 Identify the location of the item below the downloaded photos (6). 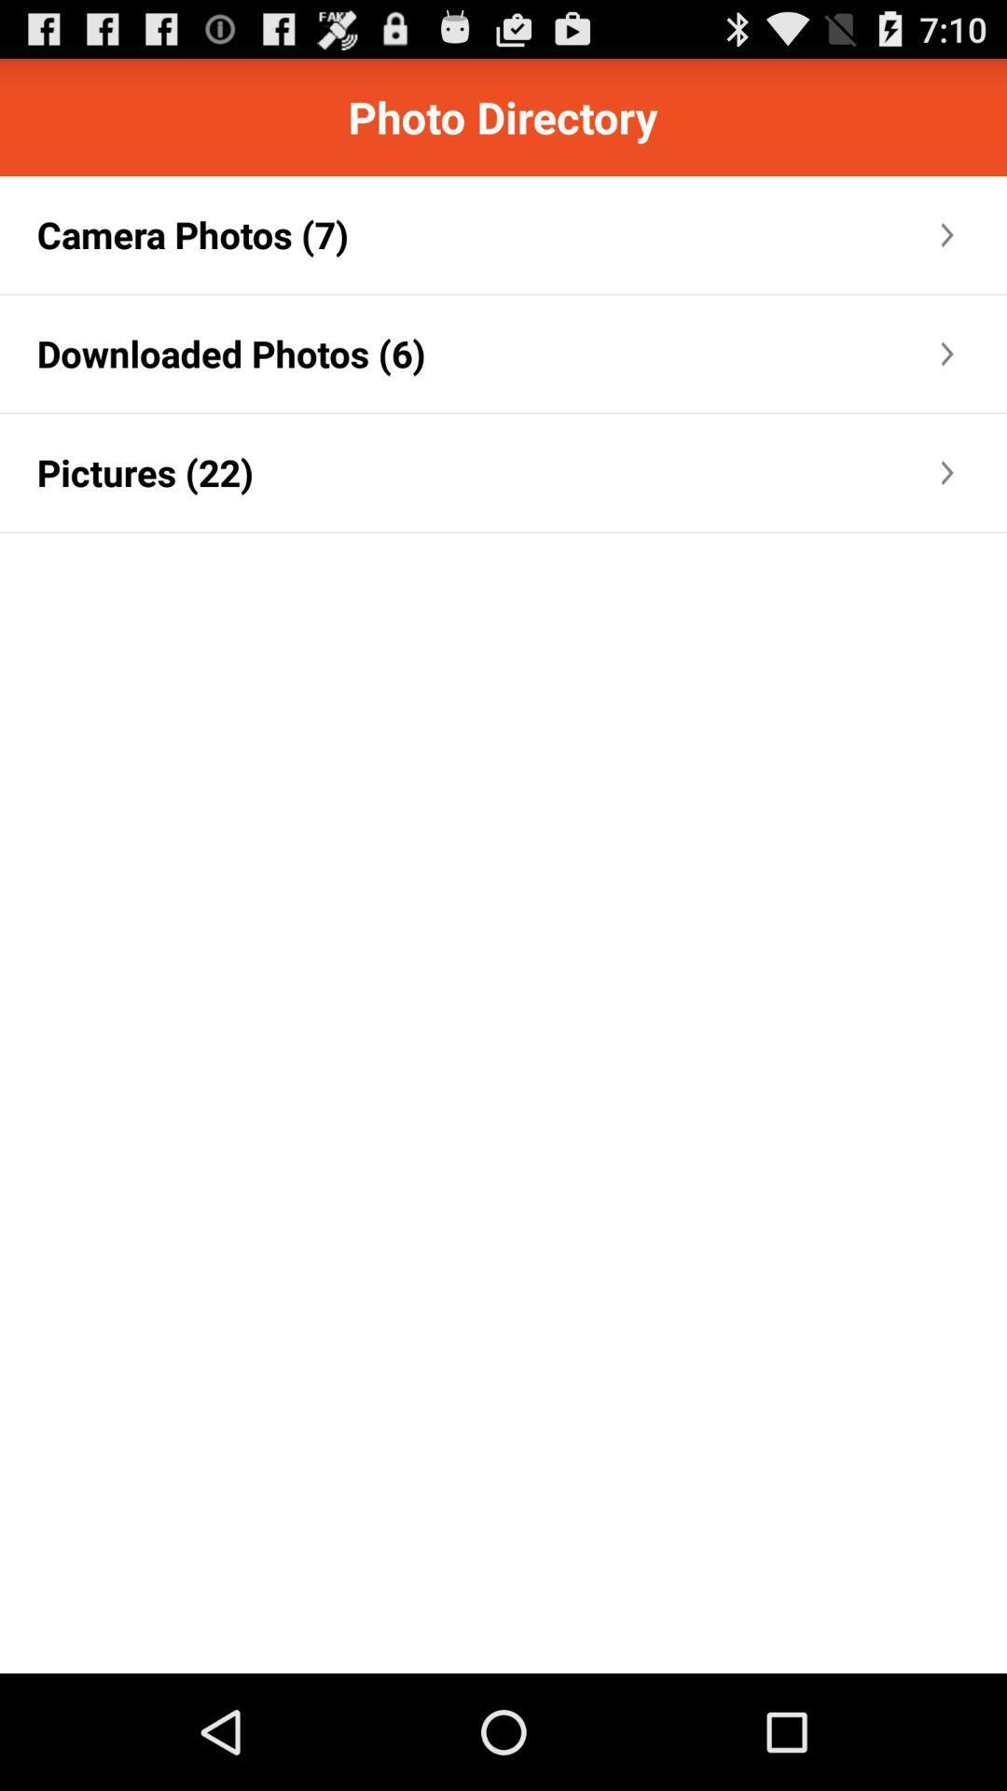
(144, 472).